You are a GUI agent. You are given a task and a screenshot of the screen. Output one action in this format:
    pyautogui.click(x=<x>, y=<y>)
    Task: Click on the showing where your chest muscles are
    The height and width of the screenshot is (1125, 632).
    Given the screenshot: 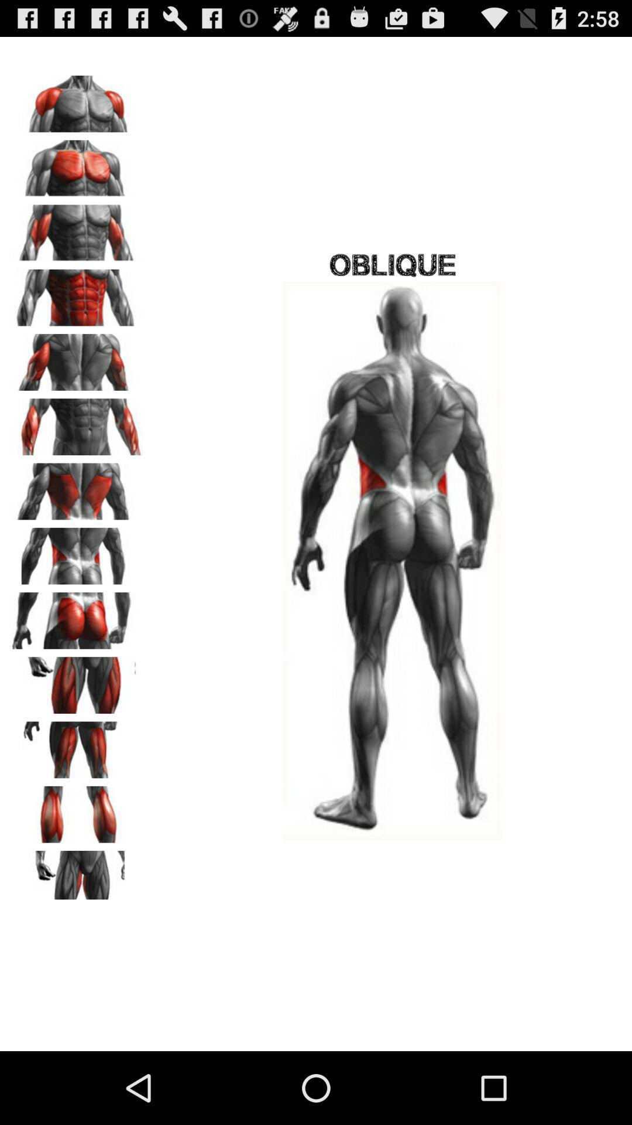 What is the action you would take?
    pyautogui.click(x=77, y=163)
    